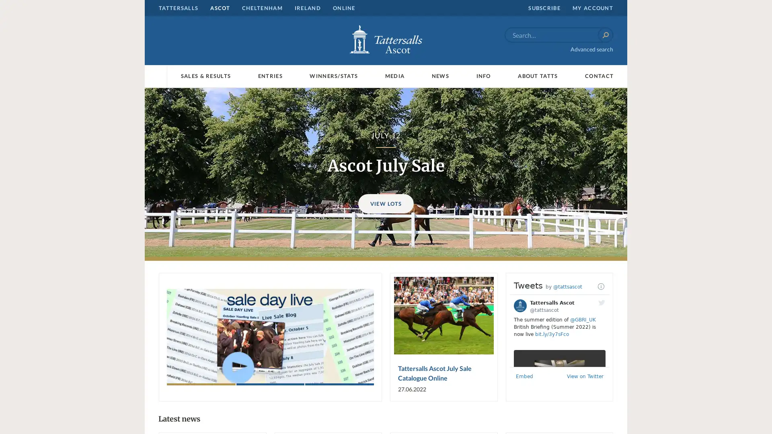 This screenshot has width=772, height=434. Describe the element at coordinates (165, 174) in the screenshot. I see `Previous` at that location.